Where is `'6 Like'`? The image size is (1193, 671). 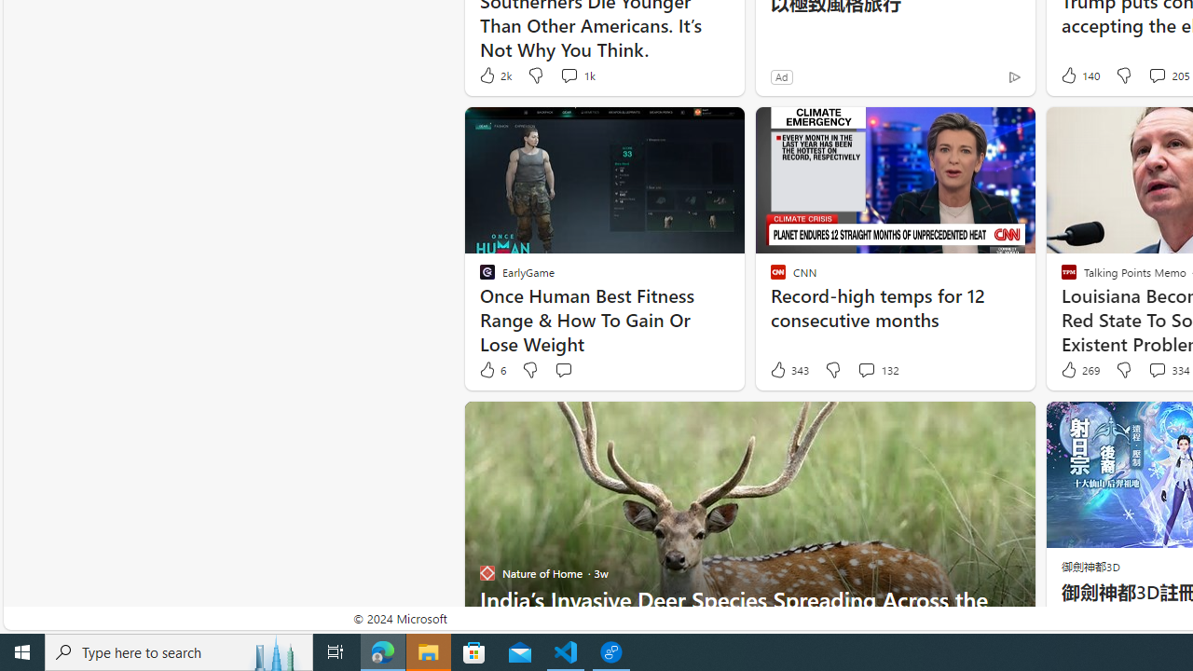
'6 Like' is located at coordinates (491, 370).